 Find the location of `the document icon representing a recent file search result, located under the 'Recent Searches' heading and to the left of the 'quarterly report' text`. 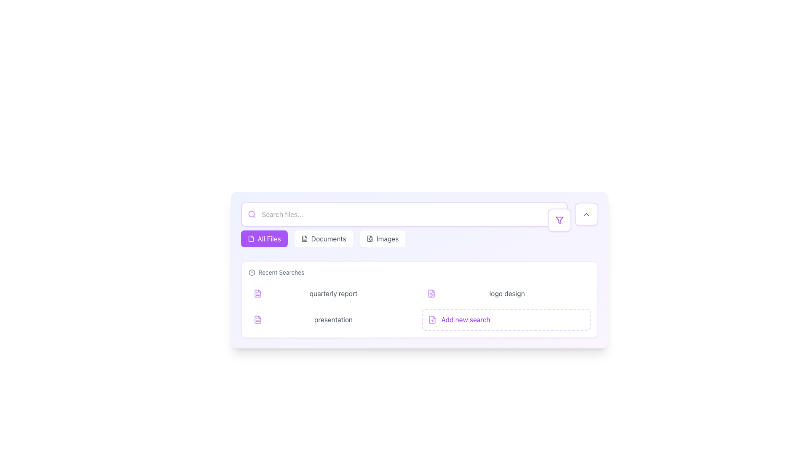

the document icon representing a recent file search result, located under the 'Recent Searches' heading and to the left of the 'quarterly report' text is located at coordinates (257, 293).